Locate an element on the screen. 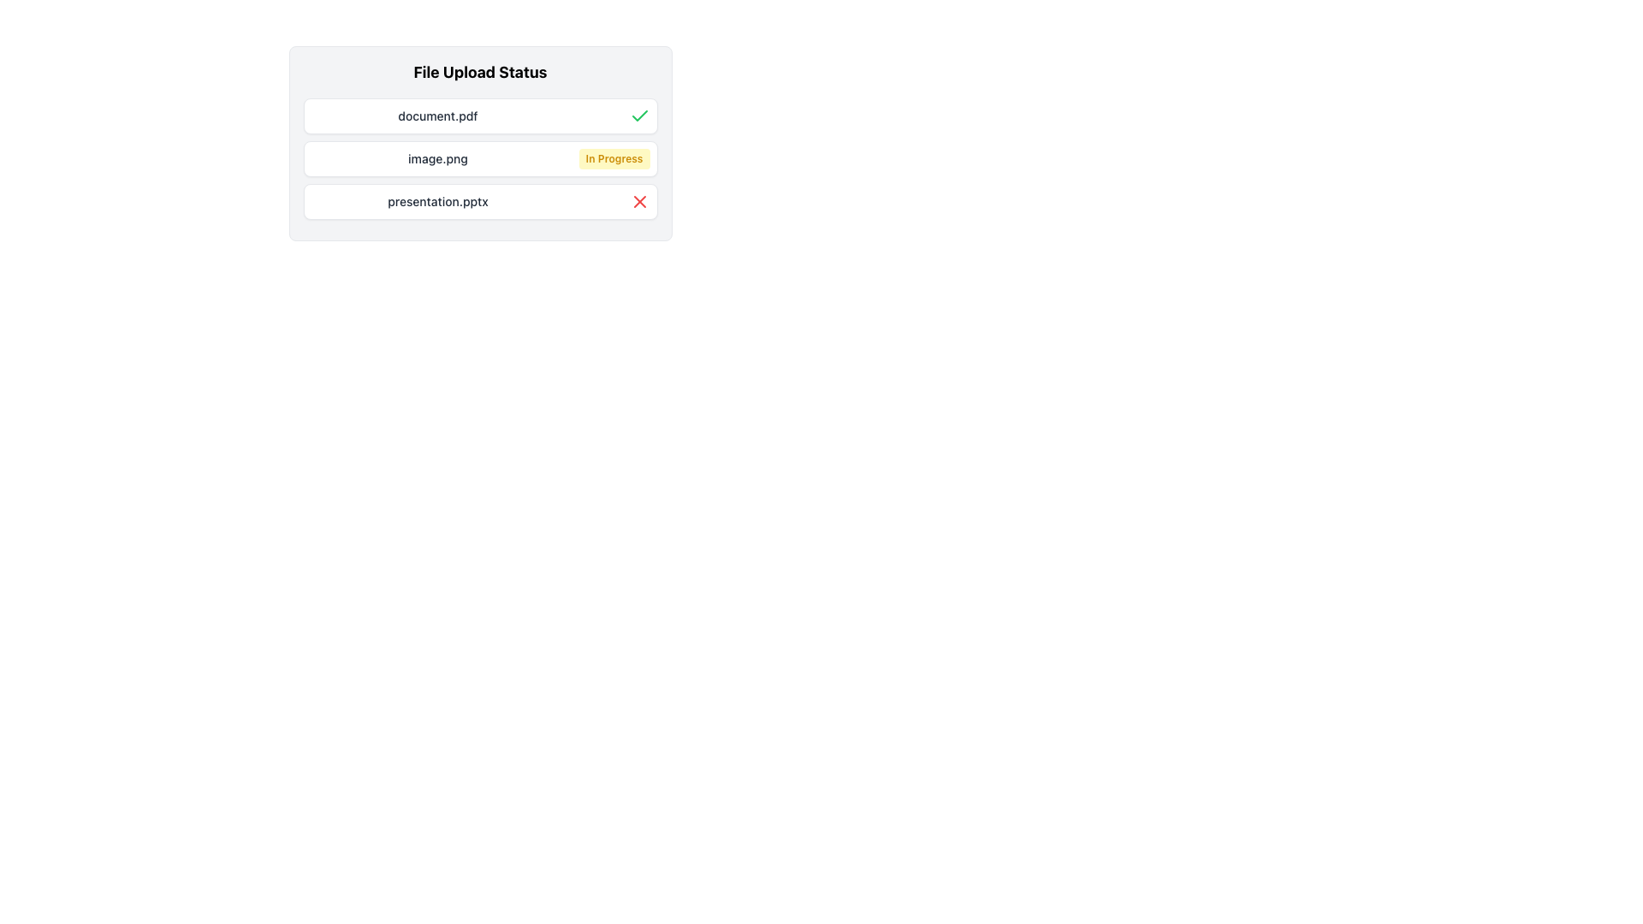 The image size is (1643, 924). the small checkmark icon styled with a thin black stroke inside a green circle, located at the far right of the first row aligned with 'document.pdf' is located at coordinates (638, 115).